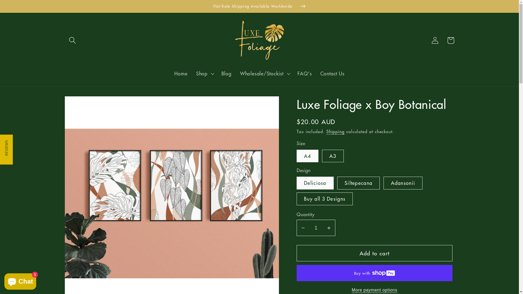 Image resolution: width=523 pixels, height=294 pixels. What do you see at coordinates (335, 131) in the screenshot?
I see `'Shipping'` at bounding box center [335, 131].